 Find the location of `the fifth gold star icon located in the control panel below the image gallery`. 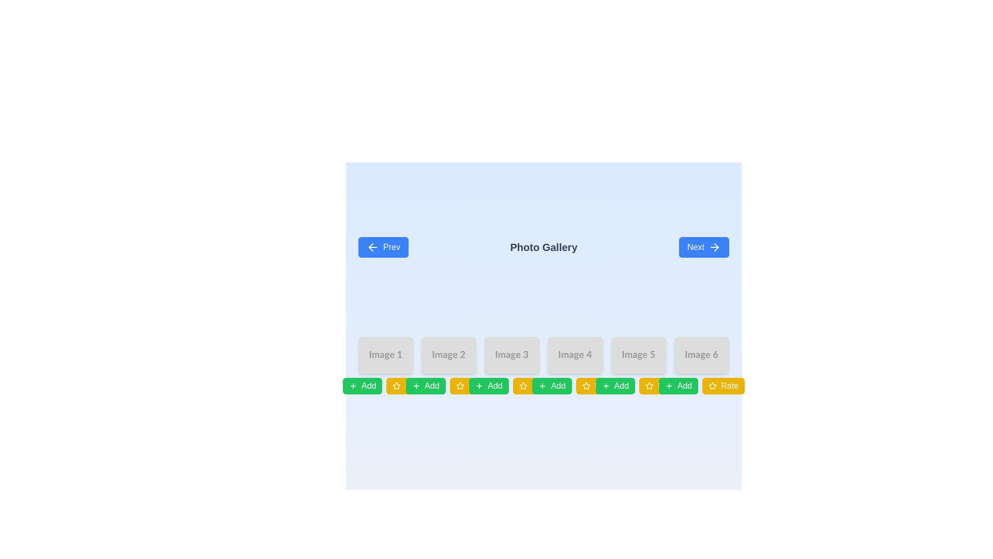

the fifth gold star icon located in the control panel below the image gallery is located at coordinates (712, 385).